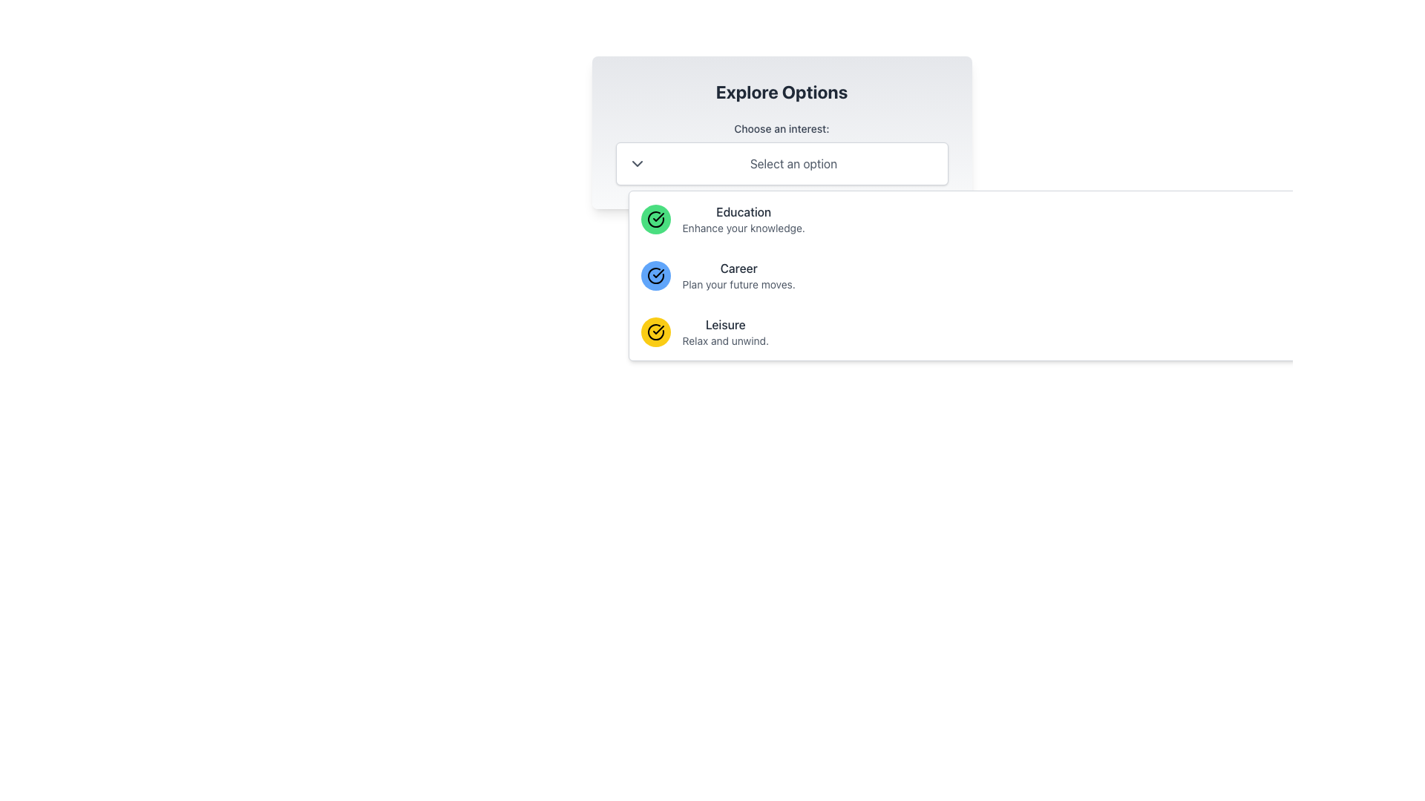 This screenshot has width=1425, height=801. Describe the element at coordinates (725, 331) in the screenshot. I see `to select the 'Leisure' option from the dropdown menu located under 'Select an option' in the 'Explore Options' section` at that location.